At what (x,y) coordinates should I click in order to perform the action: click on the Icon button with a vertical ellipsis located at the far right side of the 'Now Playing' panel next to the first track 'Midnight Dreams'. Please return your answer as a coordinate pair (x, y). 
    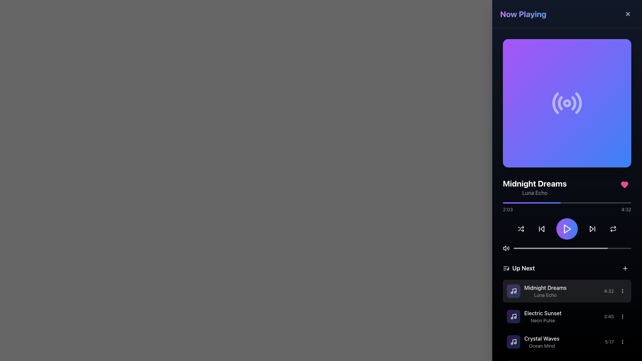
    Looking at the image, I should click on (622, 291).